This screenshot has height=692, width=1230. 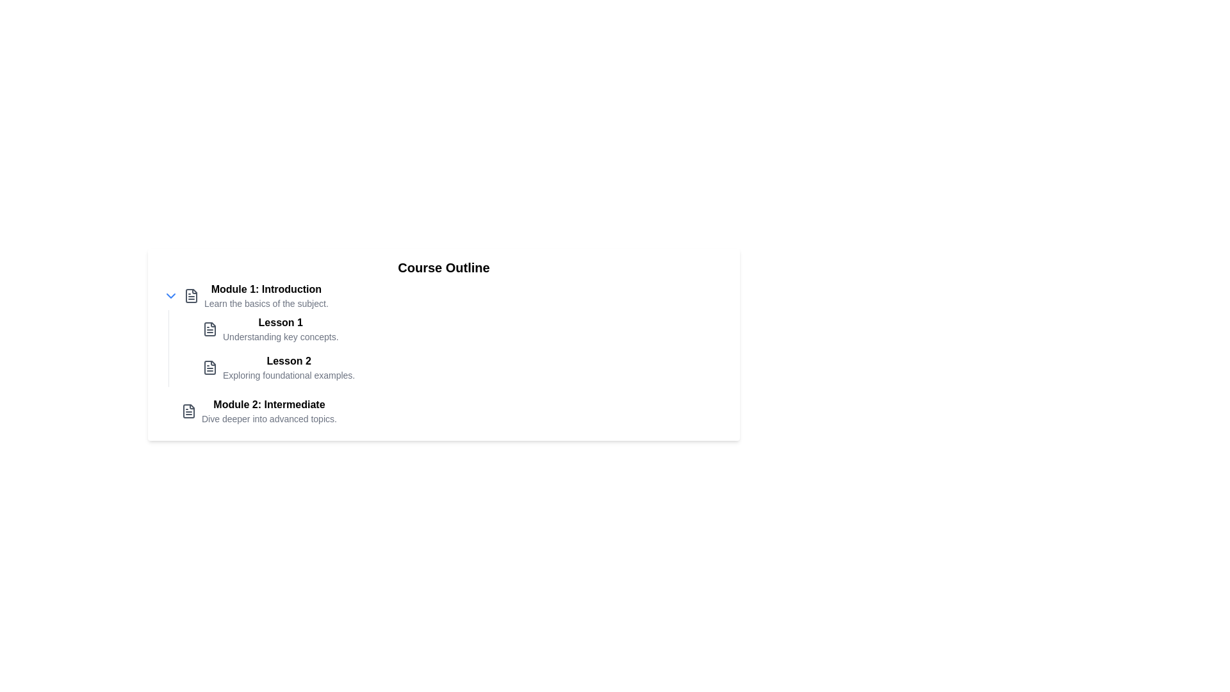 I want to click on the Text Header that labels the first lesson, so click(x=280, y=322).